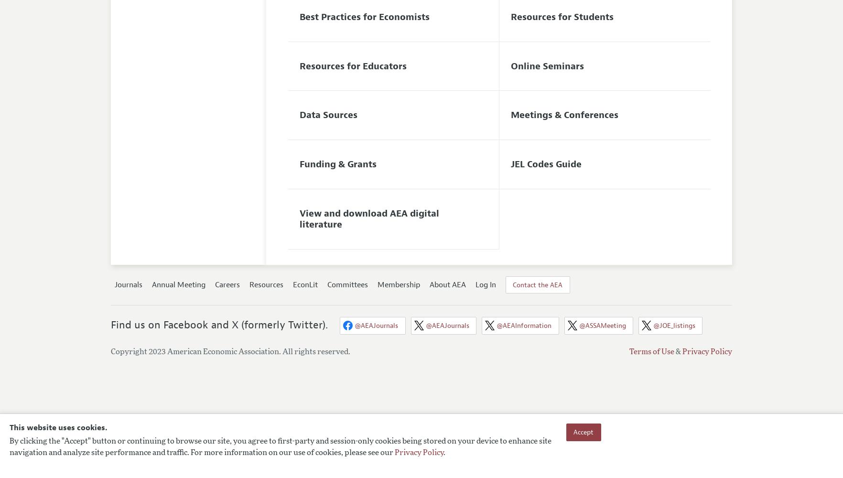  I want to click on '@JOE_listings', so click(673, 326).